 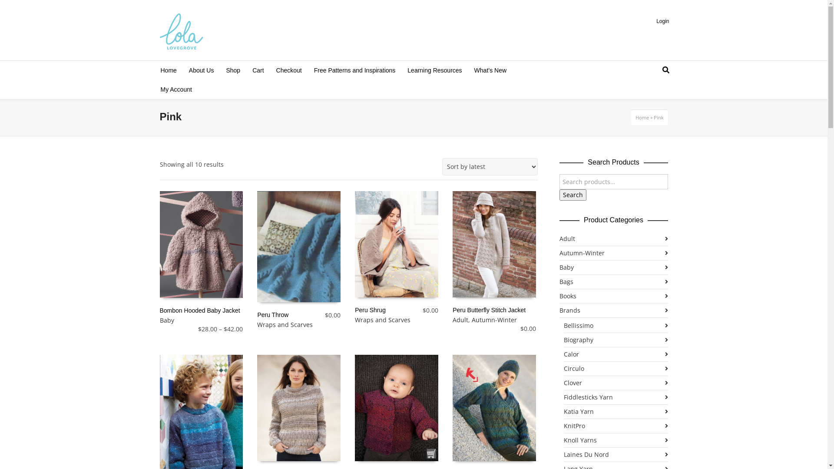 What do you see at coordinates (613, 239) in the screenshot?
I see `'Adult'` at bounding box center [613, 239].